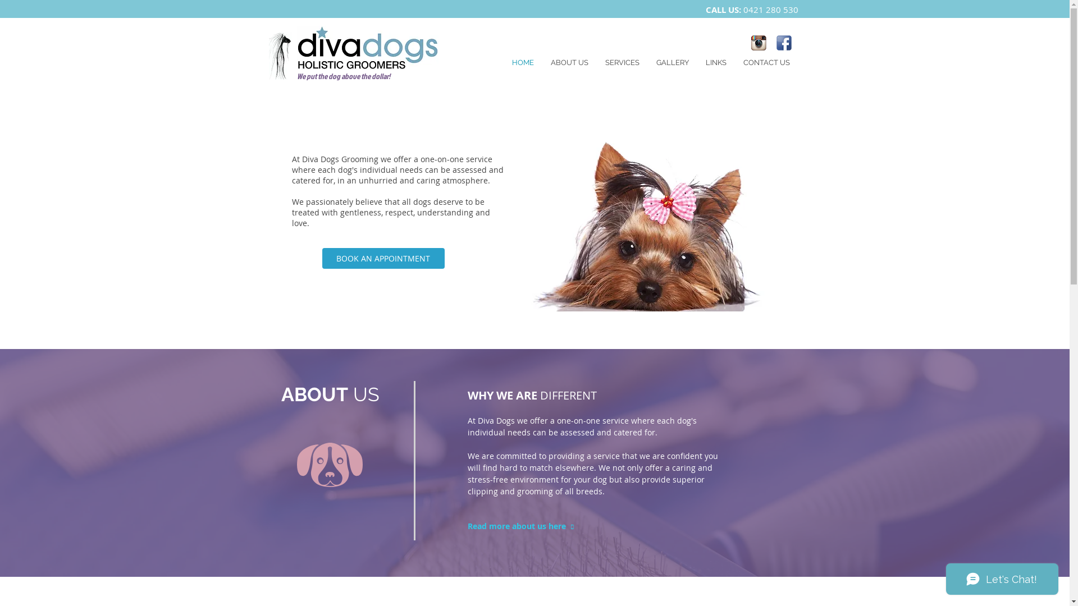  What do you see at coordinates (783, 42) in the screenshot?
I see `'social_facebook_box_blue.png'` at bounding box center [783, 42].